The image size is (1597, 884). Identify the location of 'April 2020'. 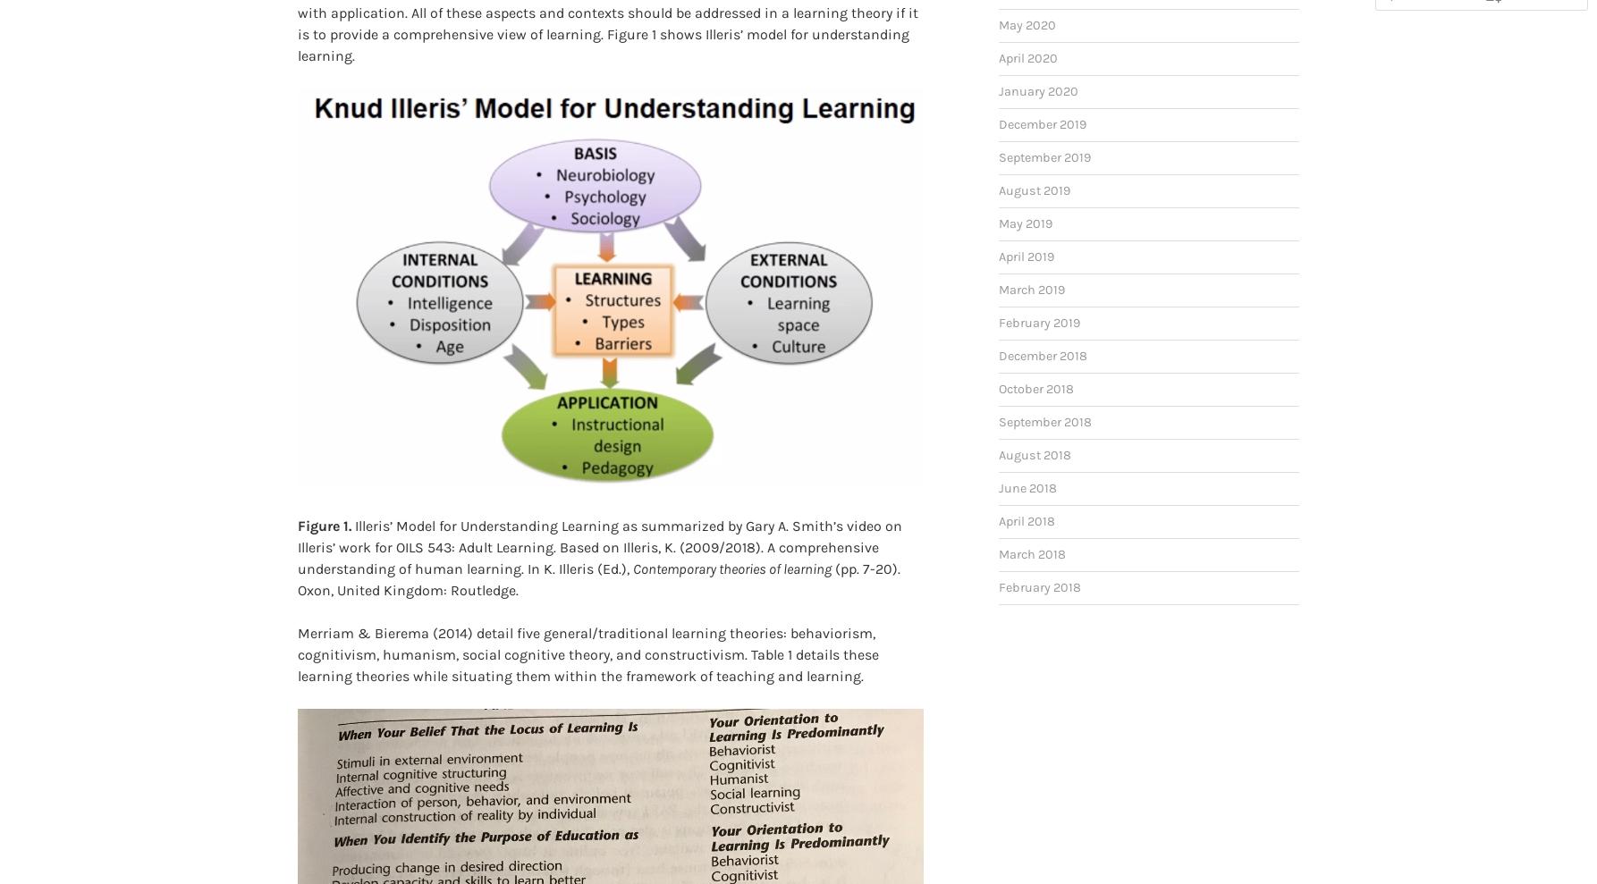
(1027, 29).